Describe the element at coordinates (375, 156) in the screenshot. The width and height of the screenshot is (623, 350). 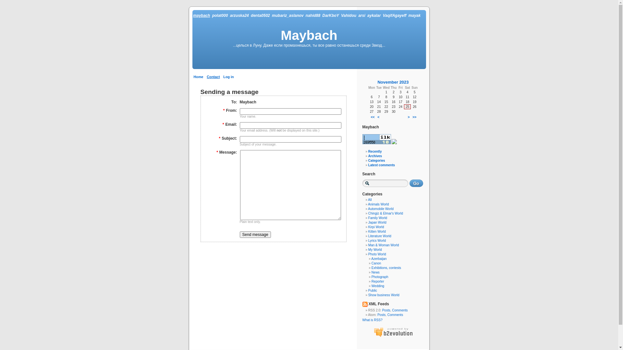
I see `'Archives'` at that location.